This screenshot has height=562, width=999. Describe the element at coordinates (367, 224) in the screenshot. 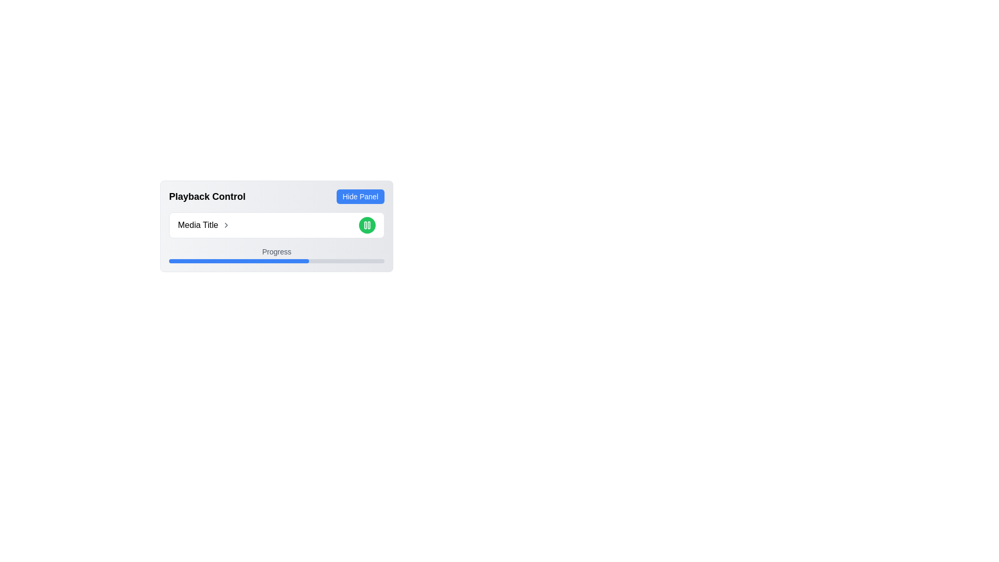

I see `the minimalistic Pause Icon, which is a white symbol with two vertical bars on a green circular background` at that location.